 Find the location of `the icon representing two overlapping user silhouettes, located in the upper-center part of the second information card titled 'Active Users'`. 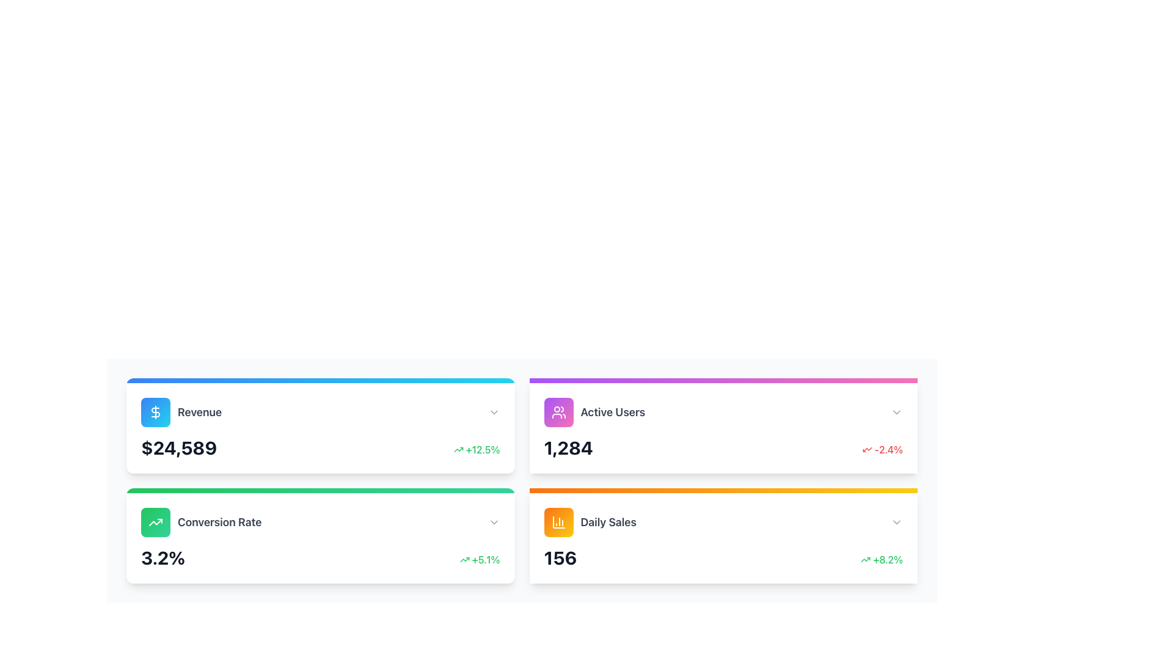

the icon representing two overlapping user silhouettes, located in the upper-center part of the second information card titled 'Active Users' is located at coordinates (558, 413).